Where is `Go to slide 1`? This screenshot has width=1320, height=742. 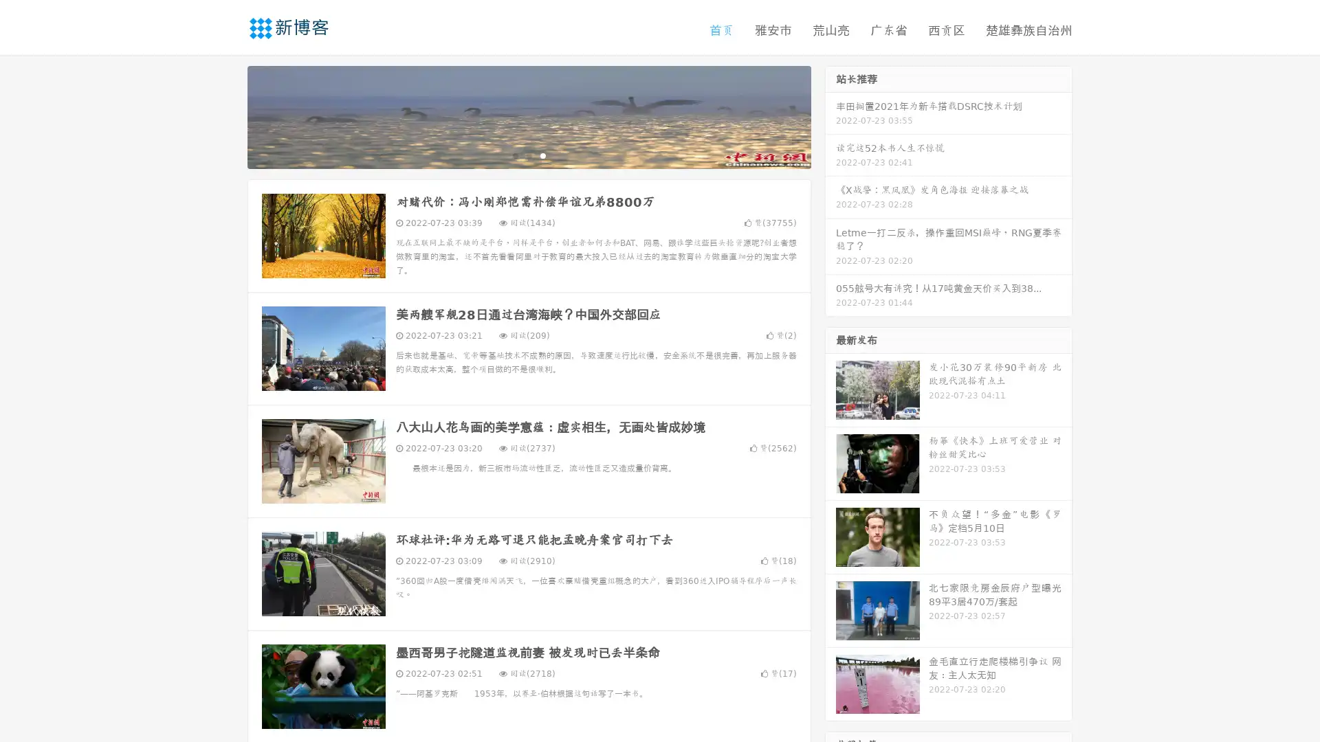 Go to slide 1 is located at coordinates (514, 155).